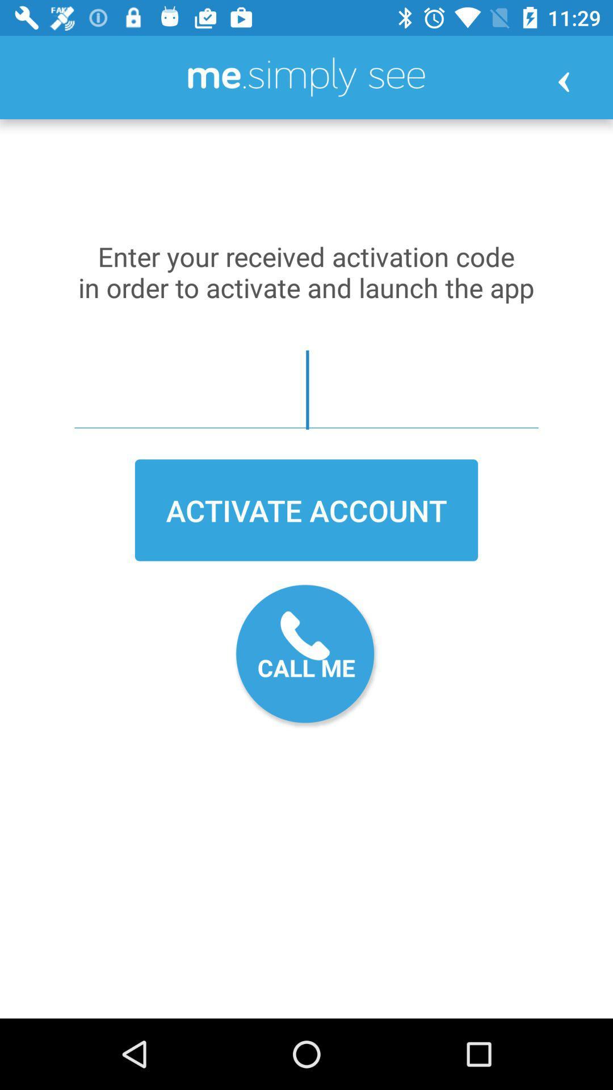  What do you see at coordinates (306, 656) in the screenshot?
I see `call me` at bounding box center [306, 656].